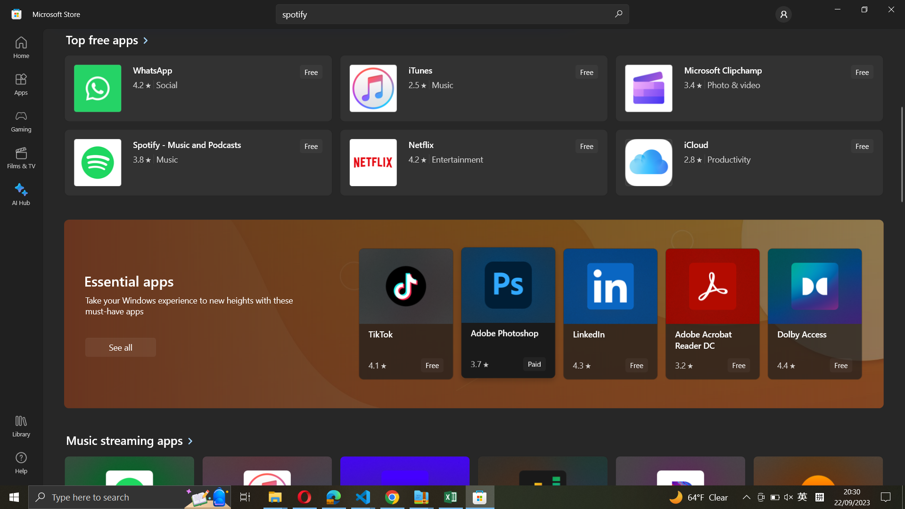 Image resolution: width=905 pixels, height=509 pixels. What do you see at coordinates (196, 161) in the screenshot?
I see `Spotify` at bounding box center [196, 161].